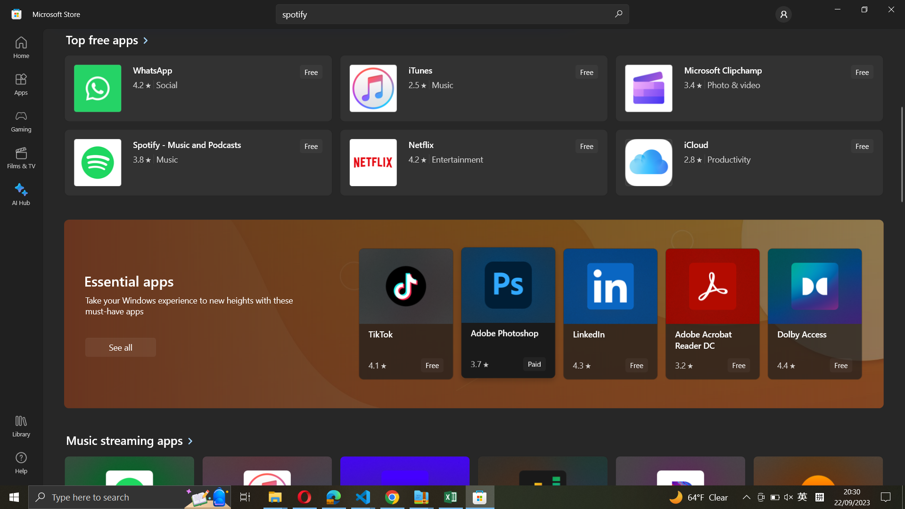 Image resolution: width=905 pixels, height=509 pixels. What do you see at coordinates (196, 161) in the screenshot?
I see `Spotify` at bounding box center [196, 161].